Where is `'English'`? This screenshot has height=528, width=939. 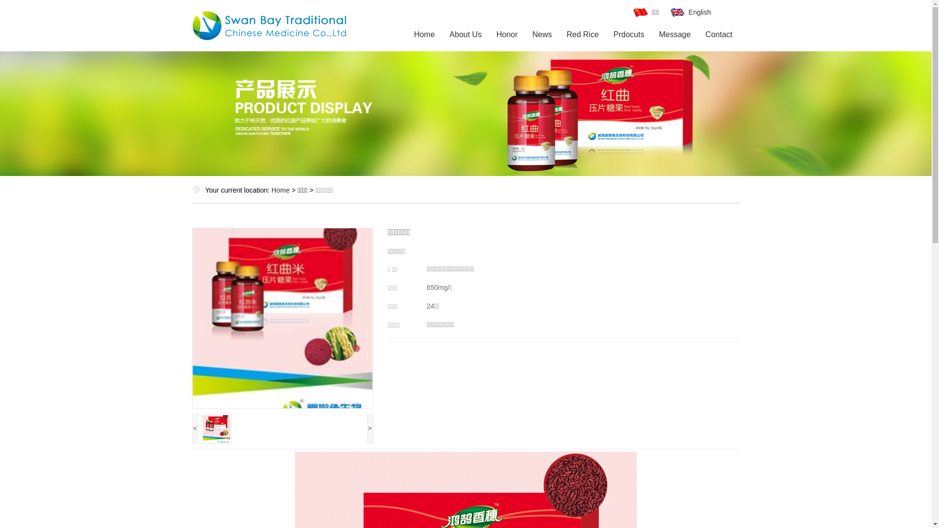
'English' is located at coordinates (690, 12).